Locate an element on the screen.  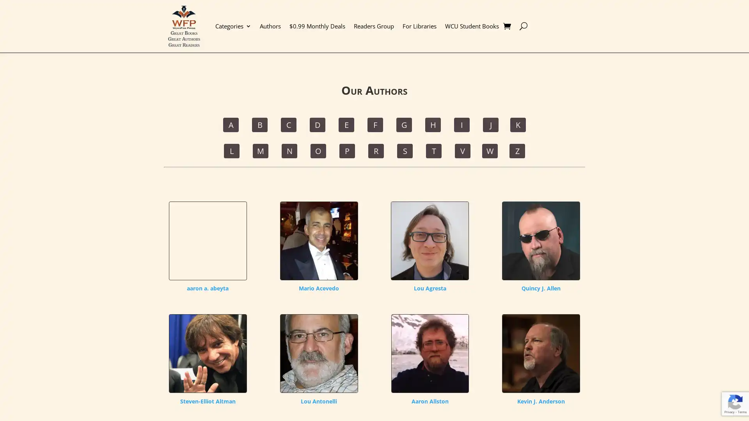
G is located at coordinates (404, 124).